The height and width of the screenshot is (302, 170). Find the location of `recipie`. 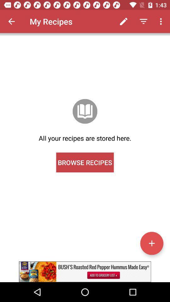

recipie is located at coordinates (151, 243).